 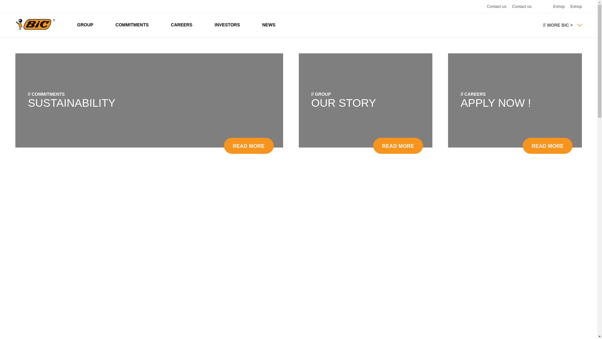 I want to click on 'BIC', so click(x=15, y=24).